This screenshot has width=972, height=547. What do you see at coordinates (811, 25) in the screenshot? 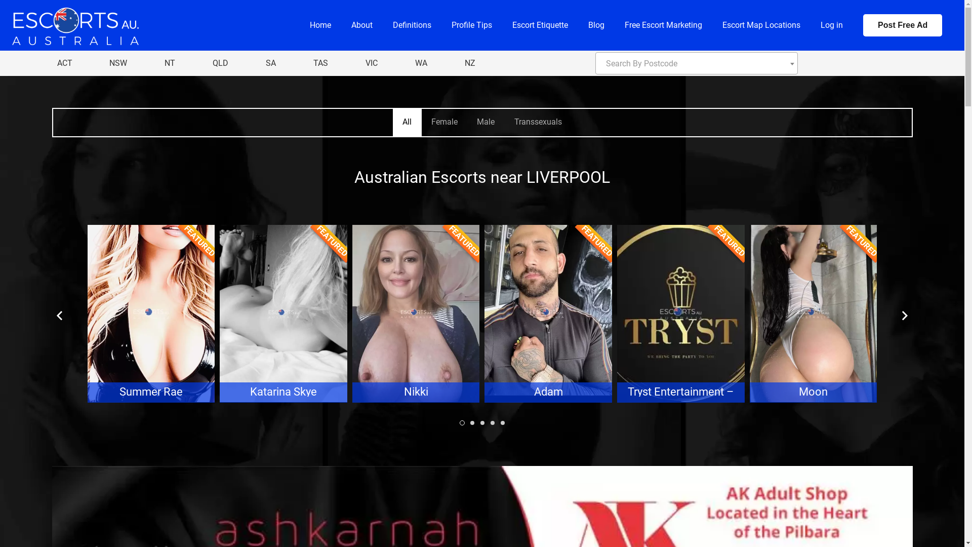
I see `'Log in'` at bounding box center [811, 25].